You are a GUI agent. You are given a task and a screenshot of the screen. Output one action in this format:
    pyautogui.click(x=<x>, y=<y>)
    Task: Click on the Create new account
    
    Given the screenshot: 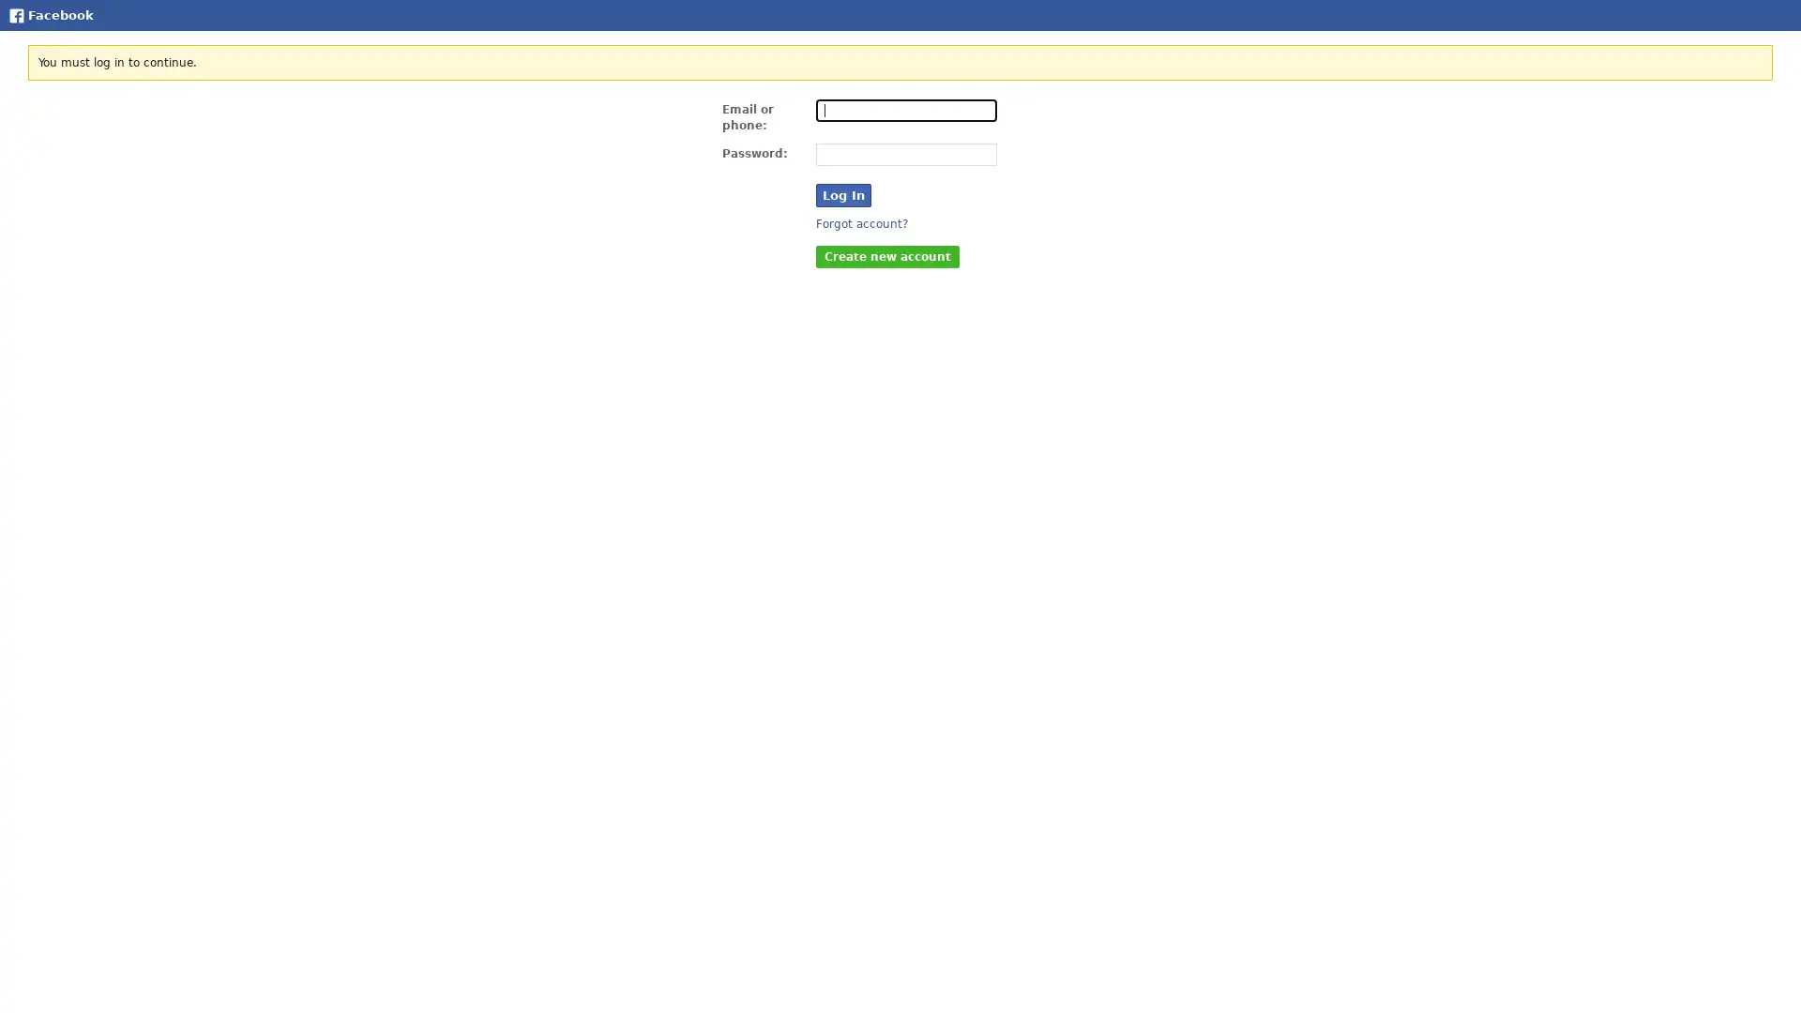 What is the action you would take?
    pyautogui.click(x=886, y=256)
    